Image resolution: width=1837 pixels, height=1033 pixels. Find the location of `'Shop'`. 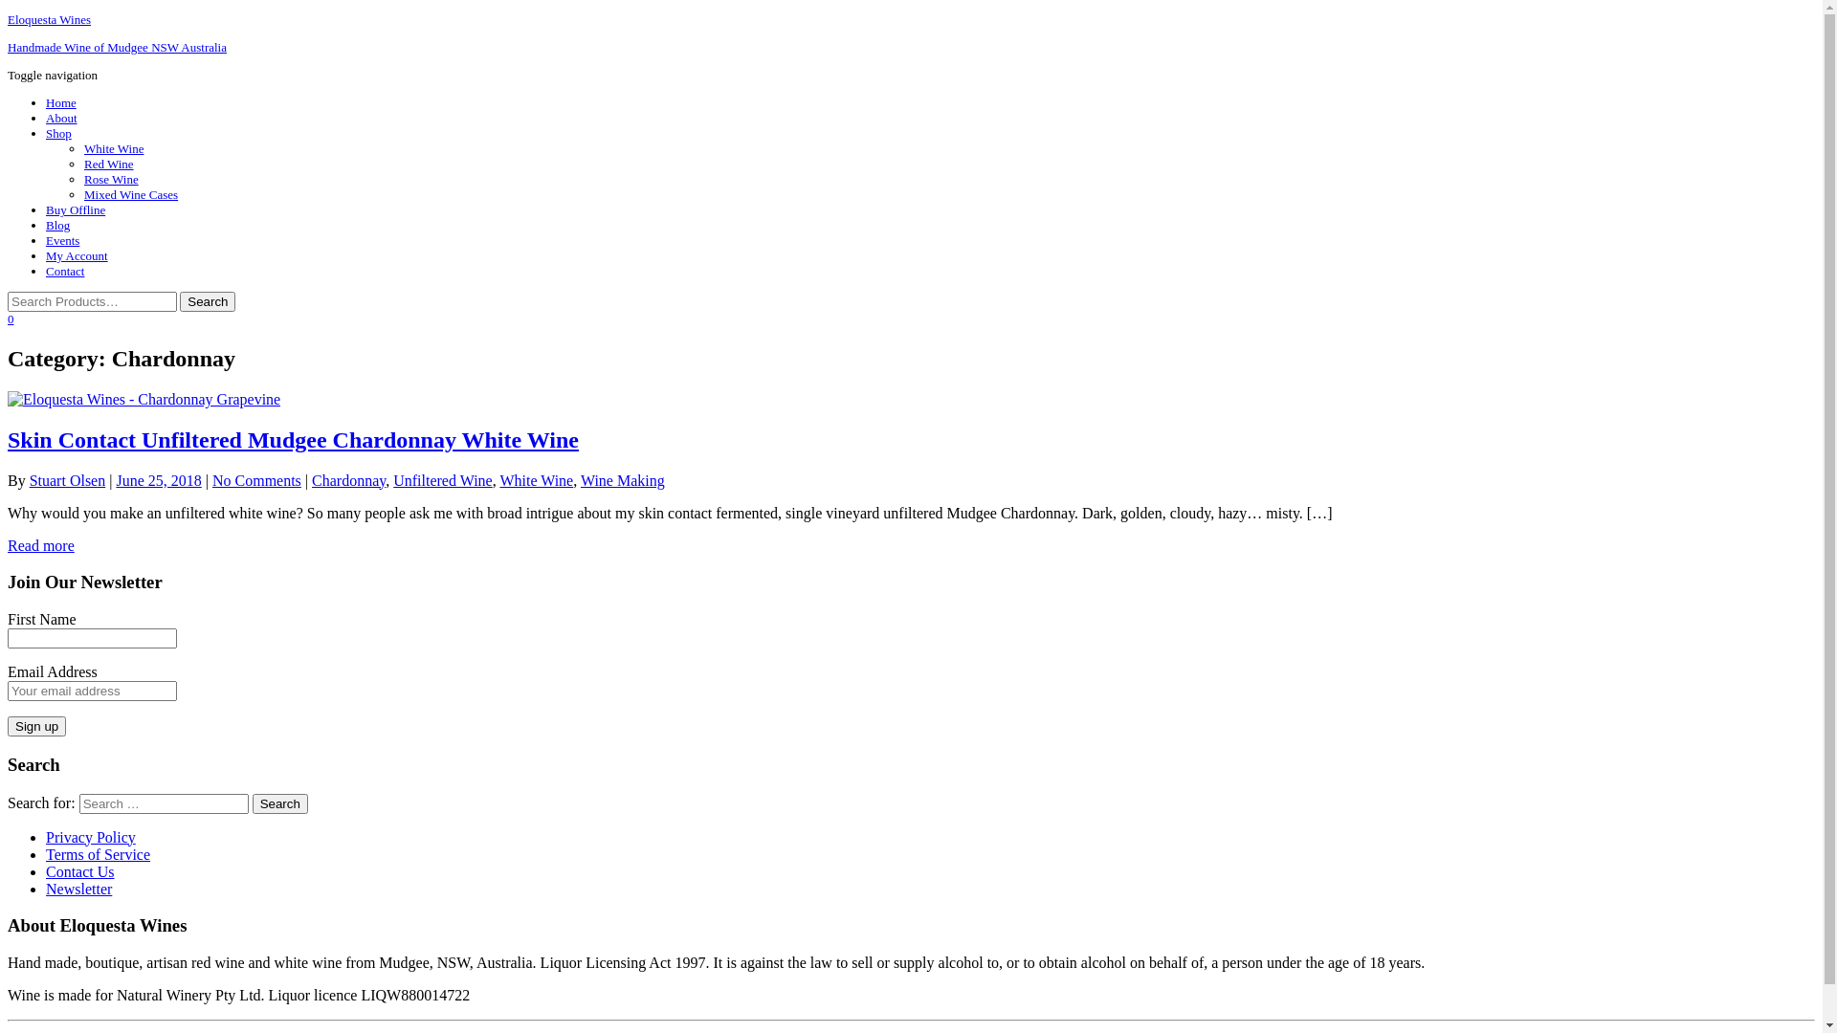

'Shop' is located at coordinates (58, 132).